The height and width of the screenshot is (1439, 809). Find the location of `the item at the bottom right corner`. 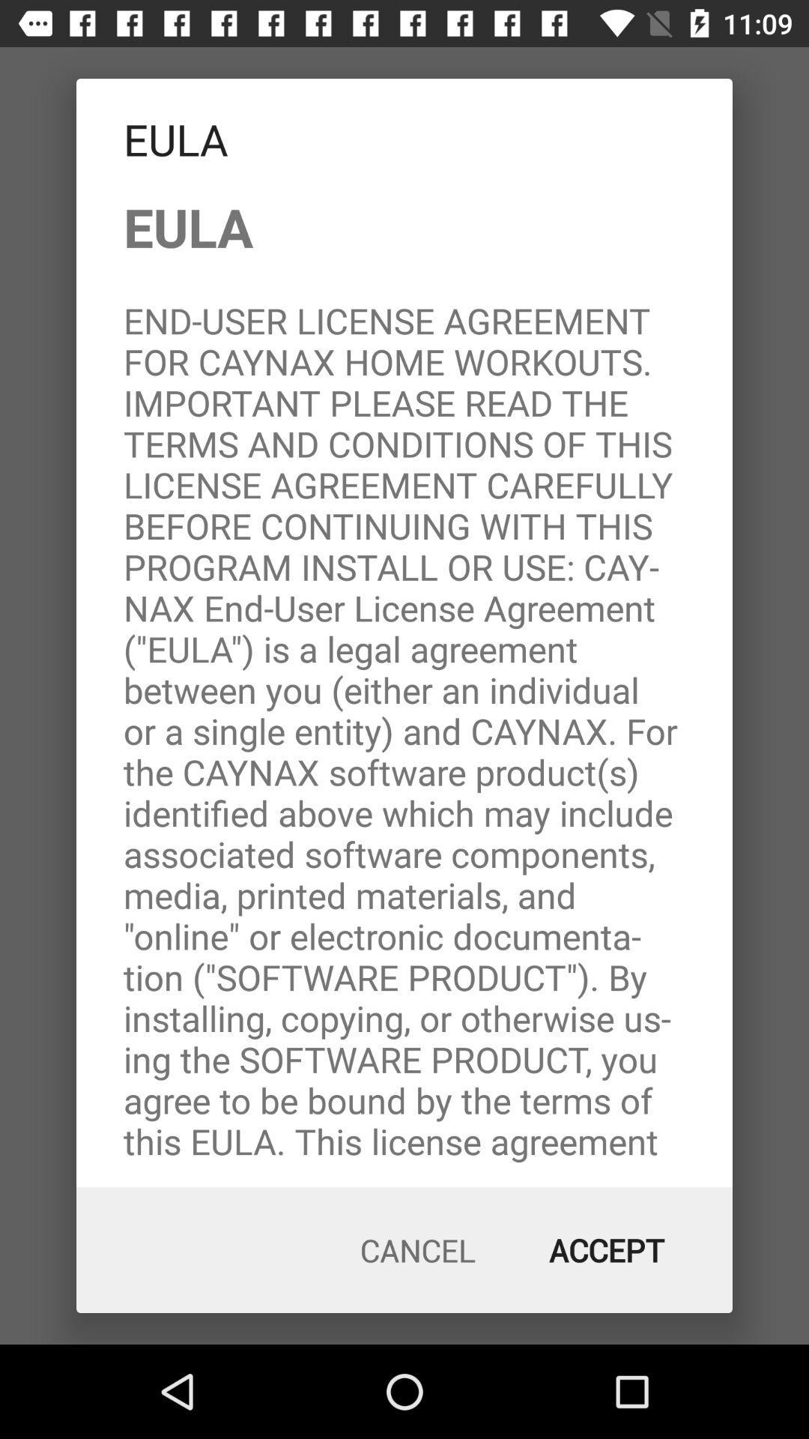

the item at the bottom right corner is located at coordinates (607, 1250).